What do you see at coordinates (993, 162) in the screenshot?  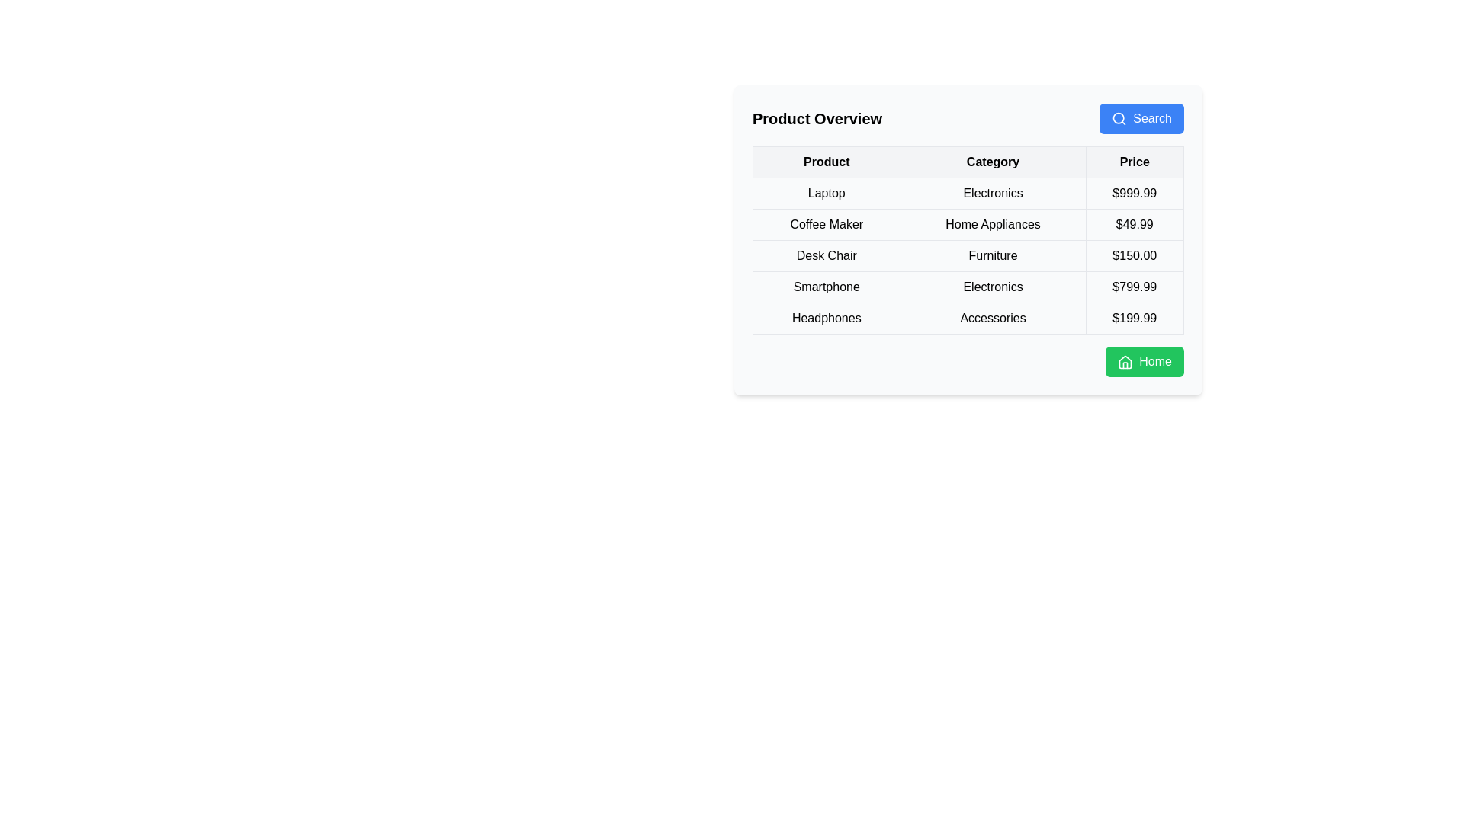 I see `the 'Category' text label, which is the second column header in the table, displaying the word 'Category' in bold font on a light gray background` at bounding box center [993, 162].